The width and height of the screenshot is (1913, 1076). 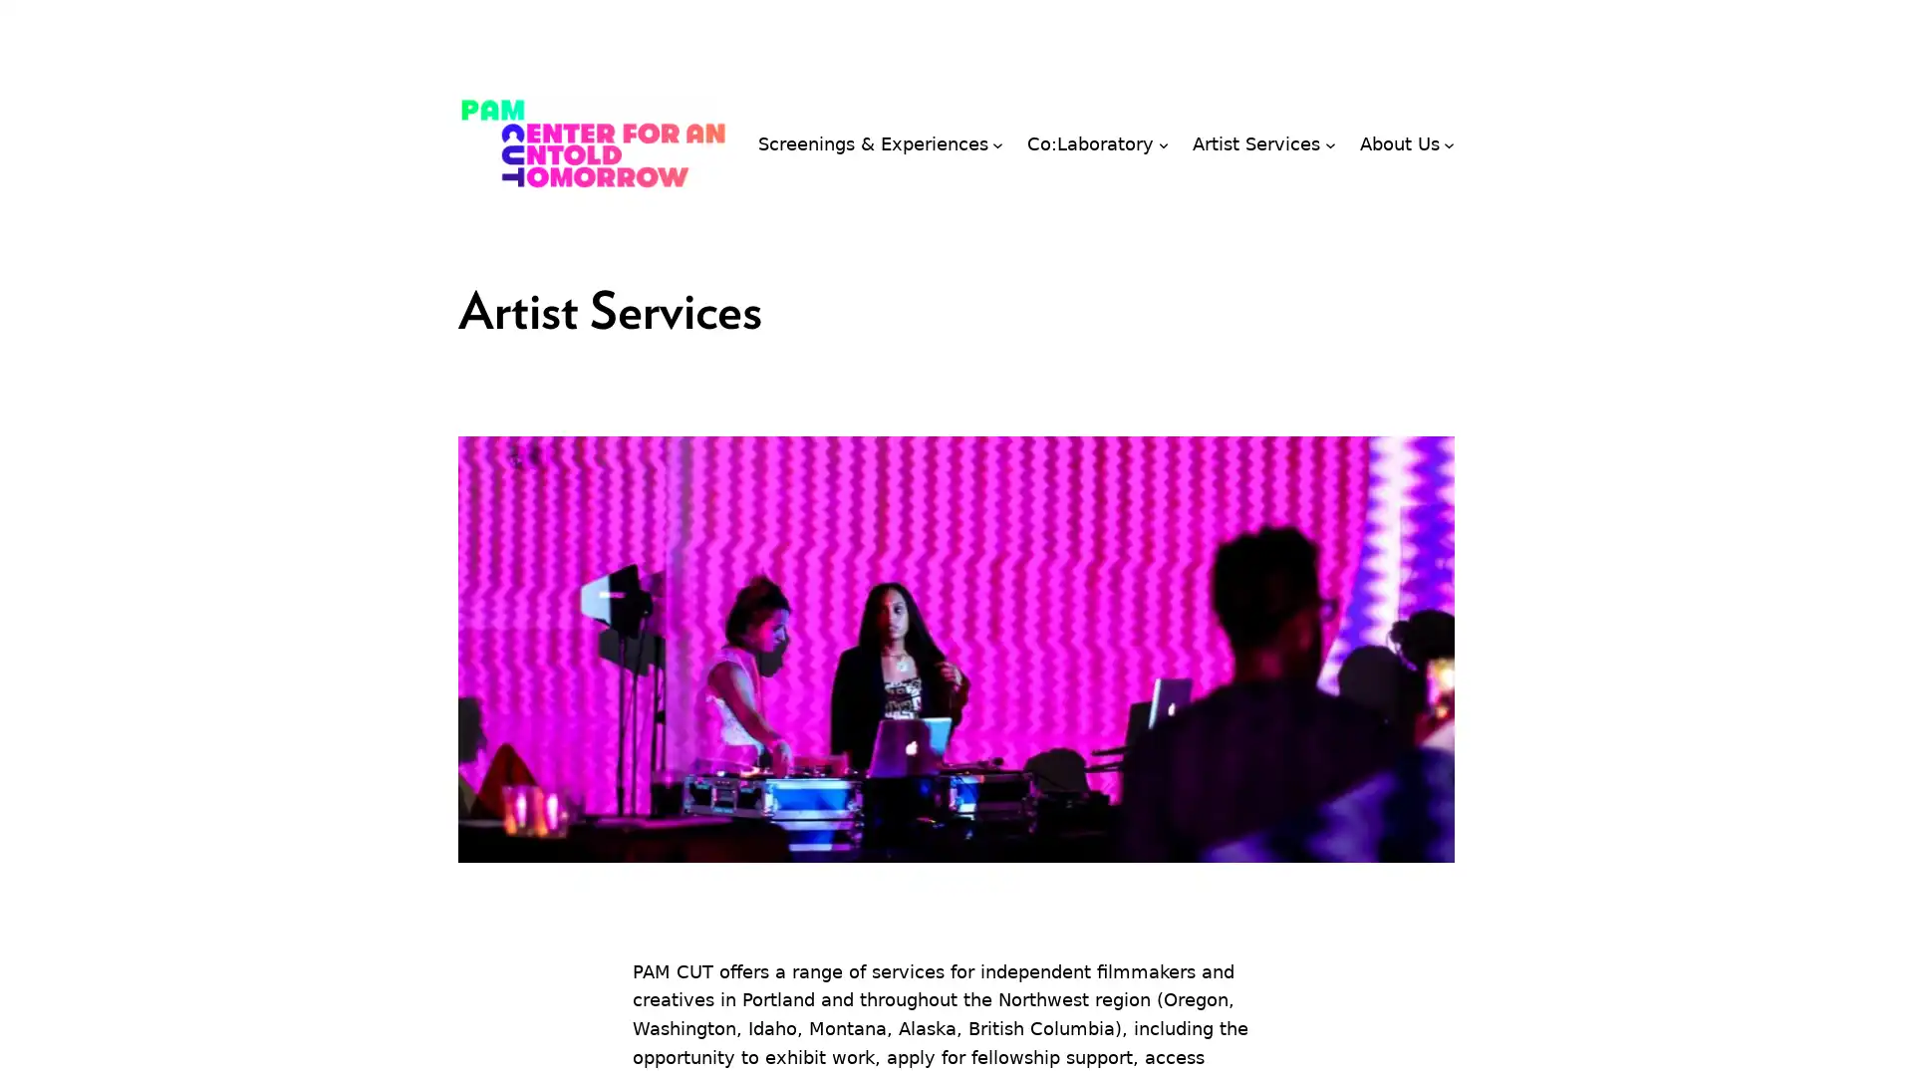 I want to click on Artist Services submenu, so click(x=1329, y=142).